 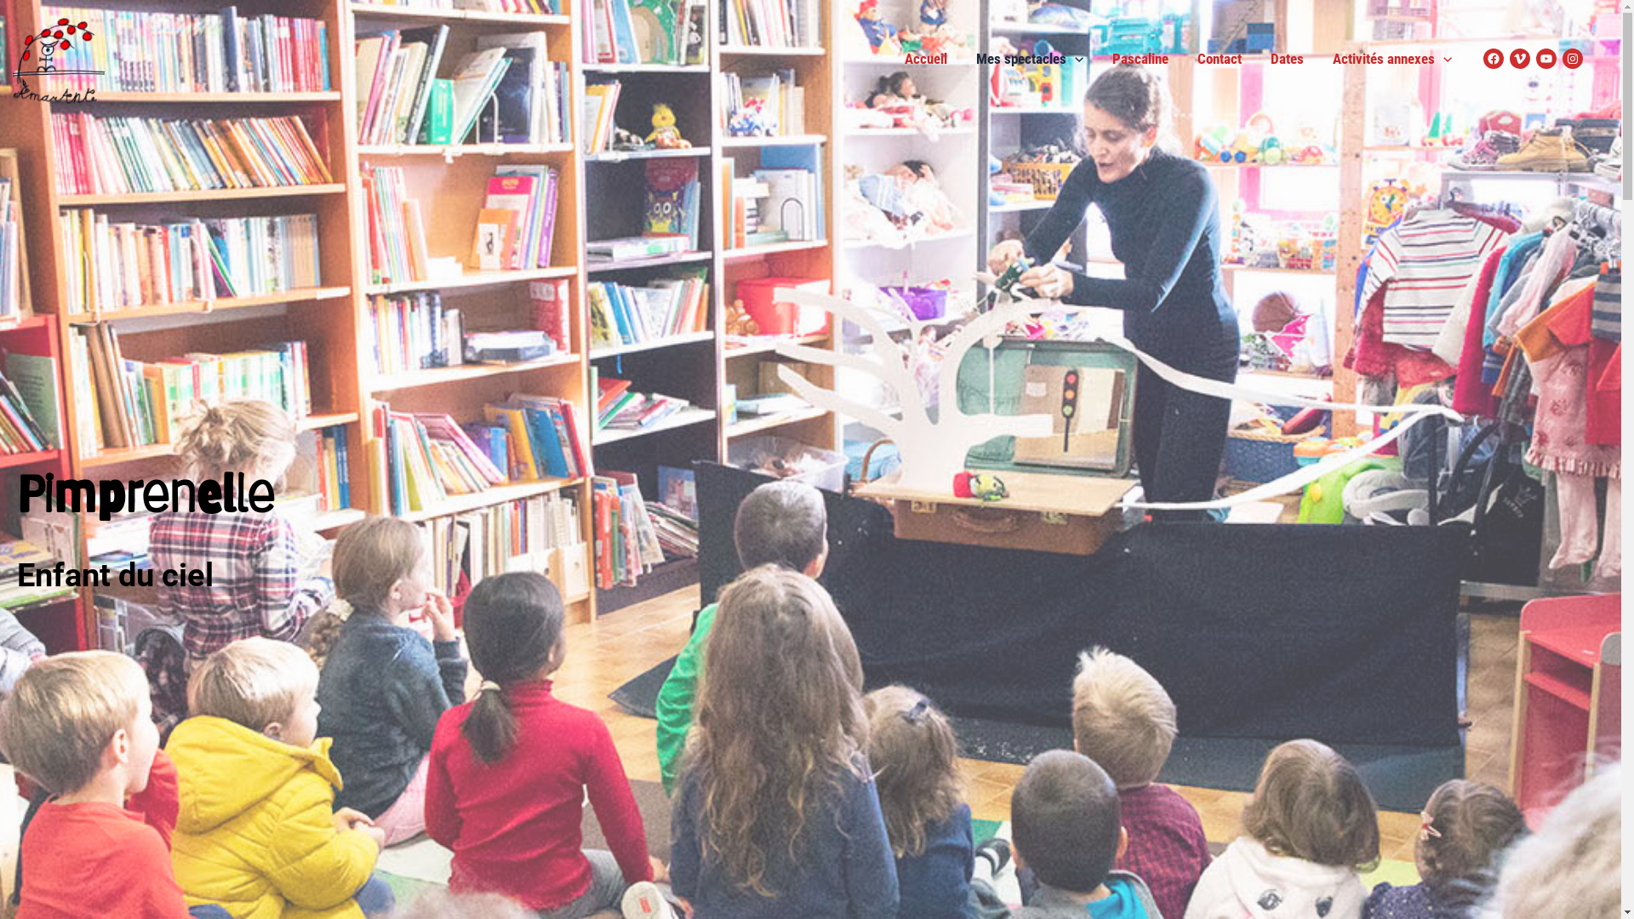 I want to click on 'Mes spectacles', so click(x=1028, y=58).